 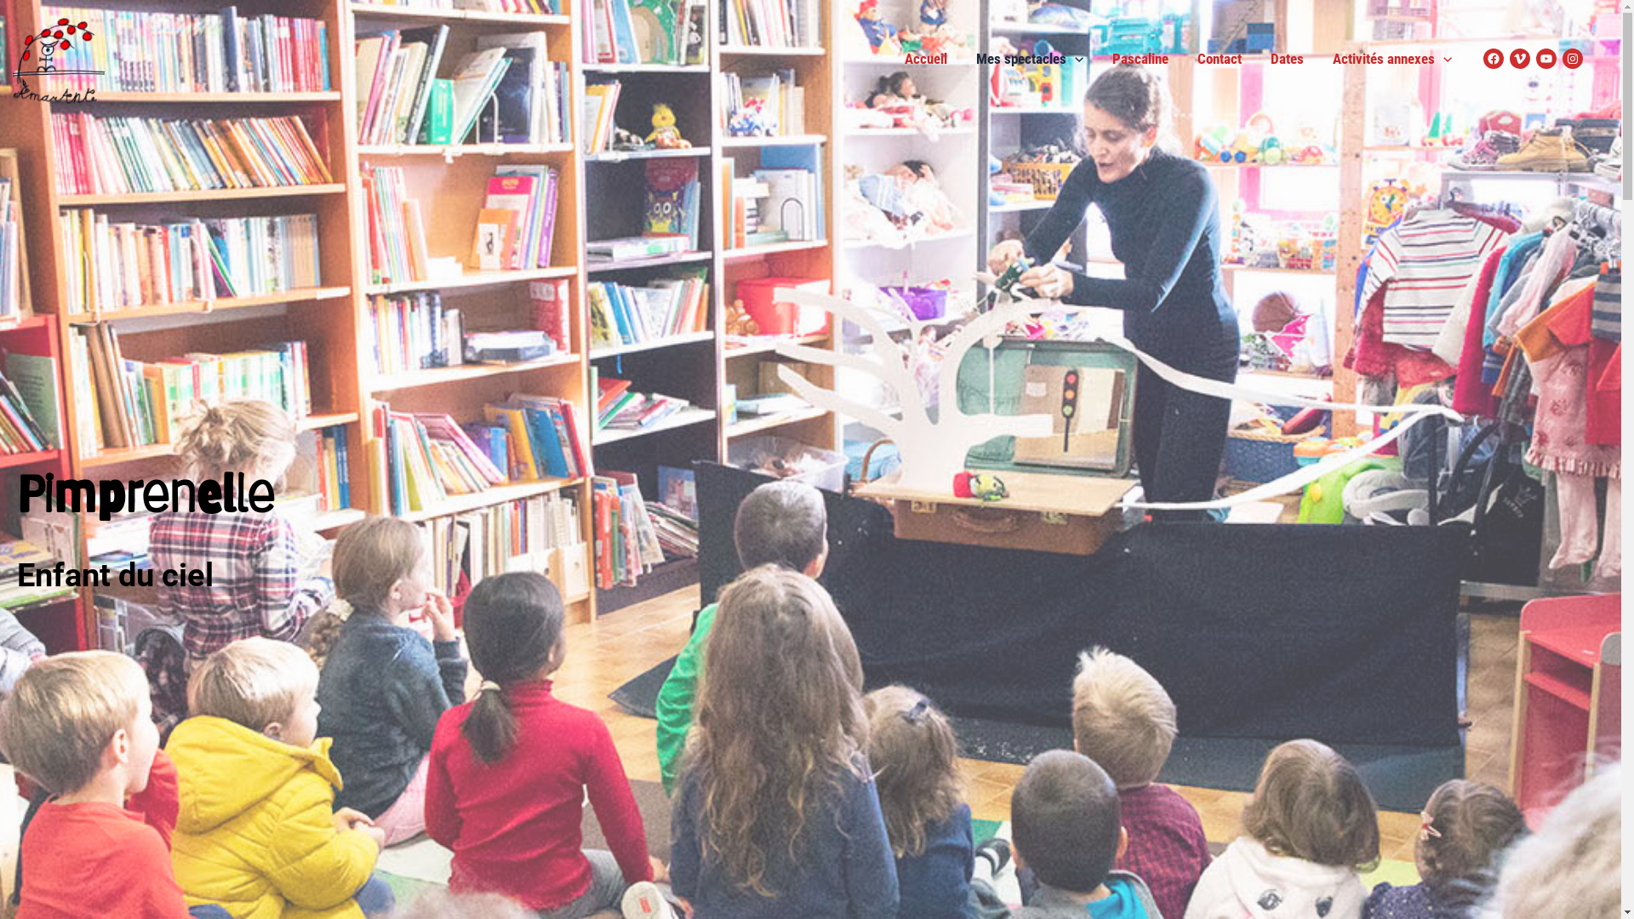 I want to click on 'Mes spectacles', so click(x=1028, y=58).